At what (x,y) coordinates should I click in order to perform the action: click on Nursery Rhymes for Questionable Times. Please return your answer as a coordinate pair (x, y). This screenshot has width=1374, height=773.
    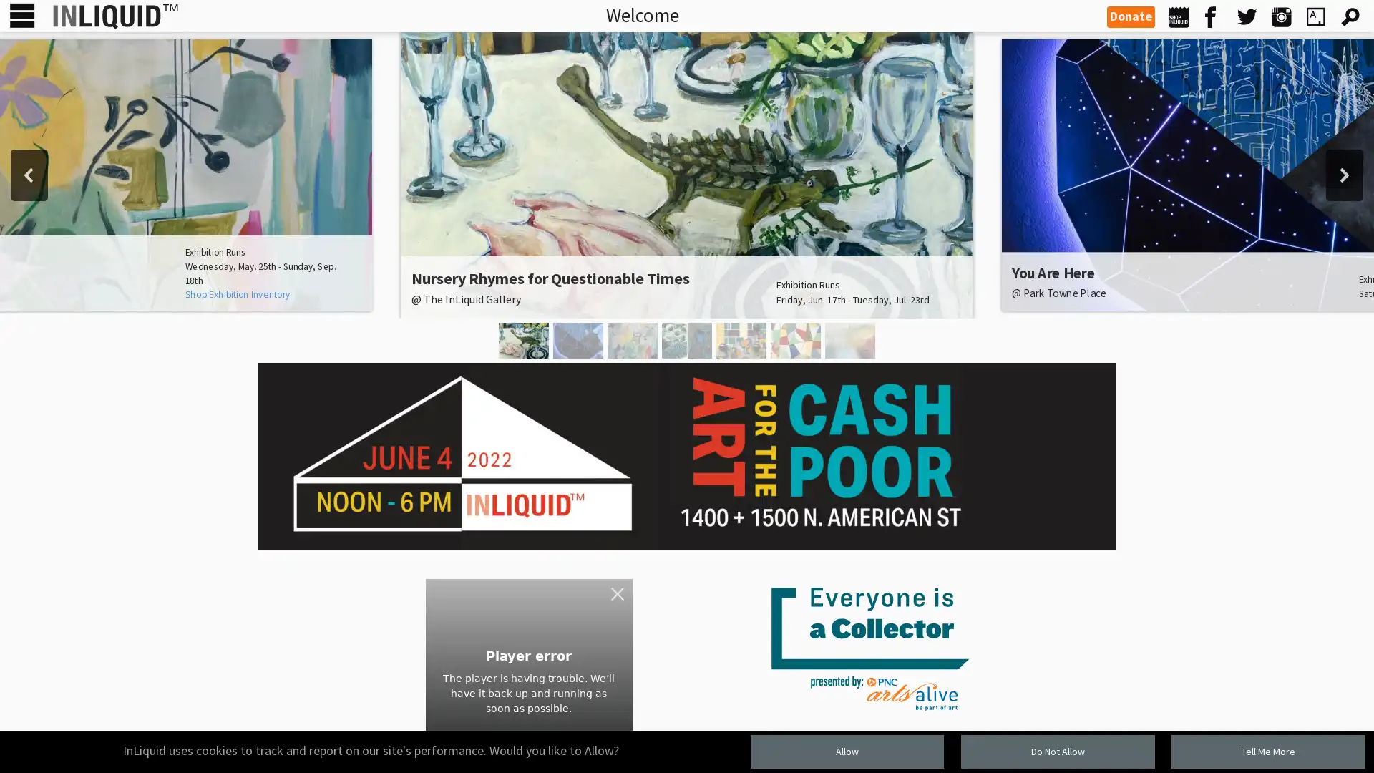
    Looking at the image, I should click on (522, 340).